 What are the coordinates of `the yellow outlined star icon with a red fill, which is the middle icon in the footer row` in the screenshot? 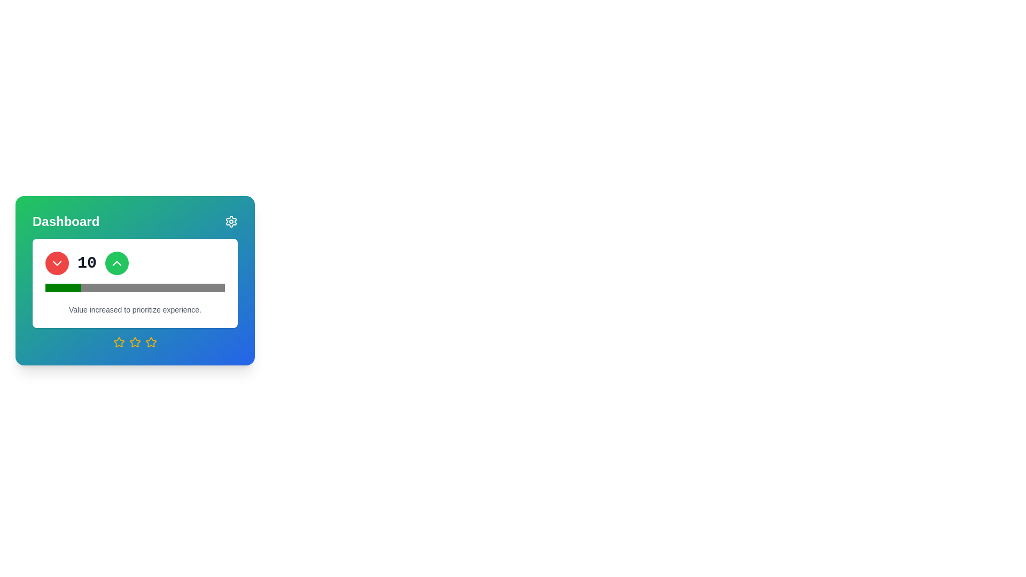 It's located at (135, 342).